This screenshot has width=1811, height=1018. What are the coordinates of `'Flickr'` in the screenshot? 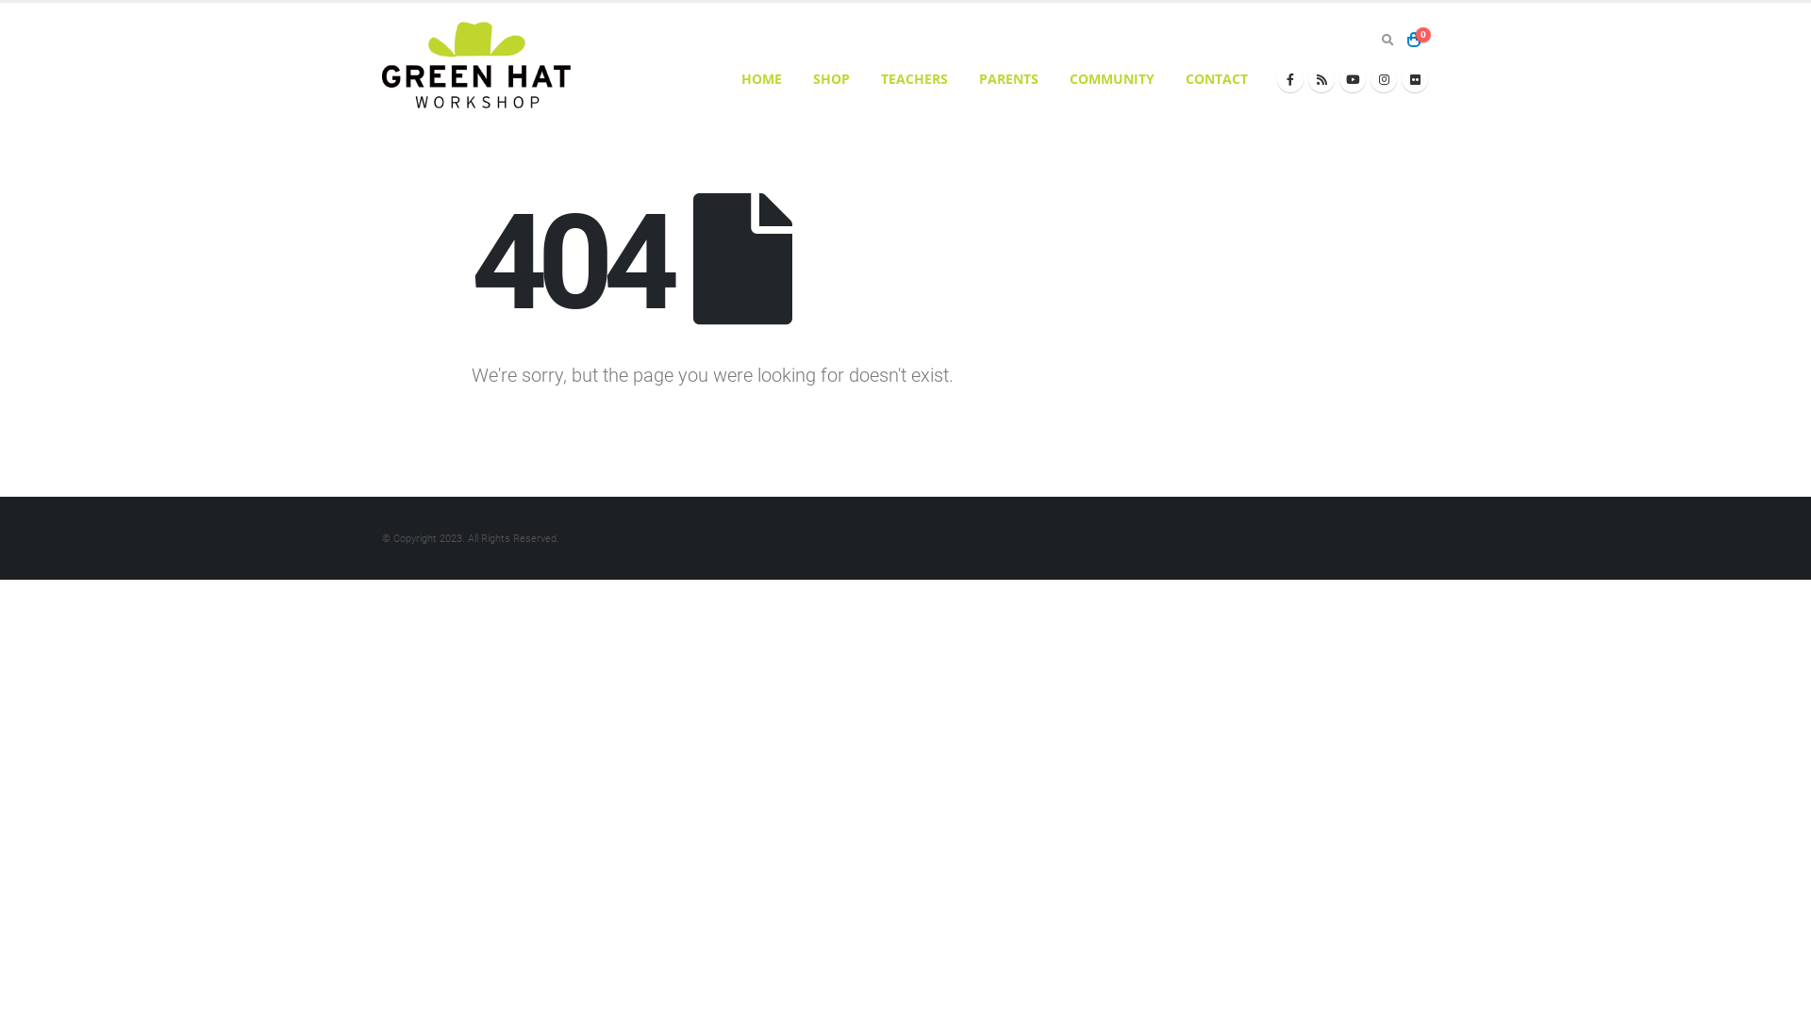 It's located at (1414, 78).